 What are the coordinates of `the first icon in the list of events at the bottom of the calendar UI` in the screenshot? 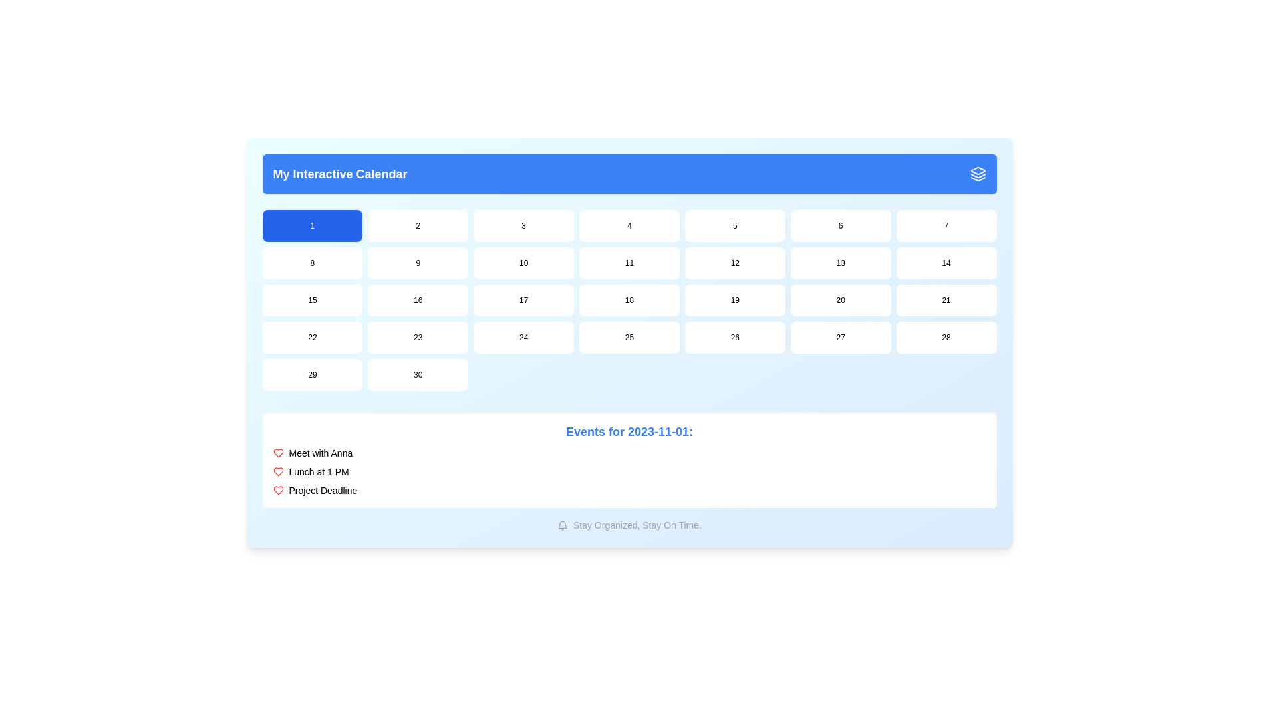 It's located at (277, 453).